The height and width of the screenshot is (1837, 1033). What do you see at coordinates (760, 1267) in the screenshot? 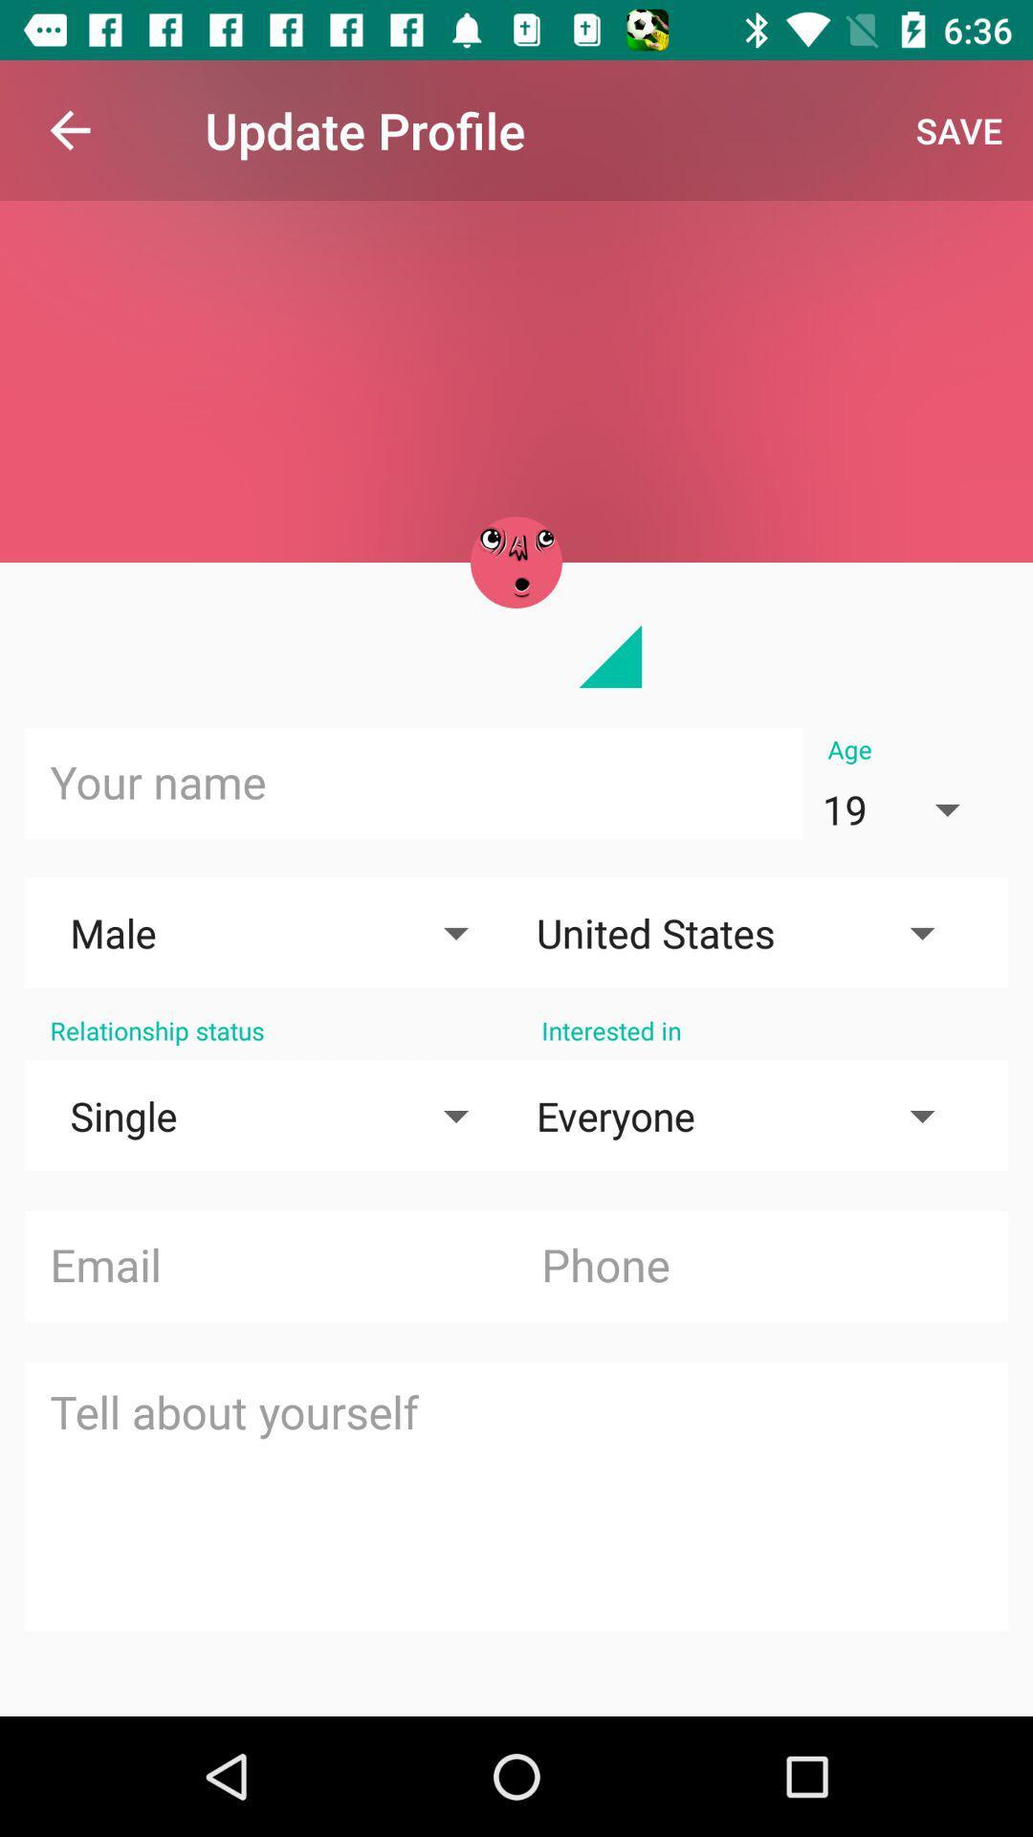
I see `insert phone number` at bounding box center [760, 1267].